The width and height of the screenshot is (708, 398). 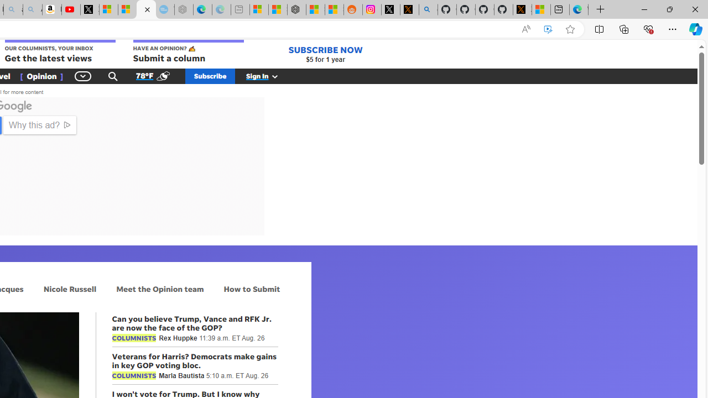 What do you see at coordinates (251, 288) in the screenshot?
I see `'How to Submit'` at bounding box center [251, 288].